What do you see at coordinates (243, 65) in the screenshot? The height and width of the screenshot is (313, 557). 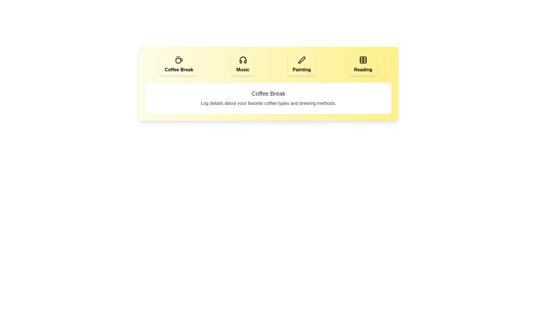 I see `the 'Music' button, which is a rectangular button with a light yellow background, a black headphones icon, and bold text` at bounding box center [243, 65].